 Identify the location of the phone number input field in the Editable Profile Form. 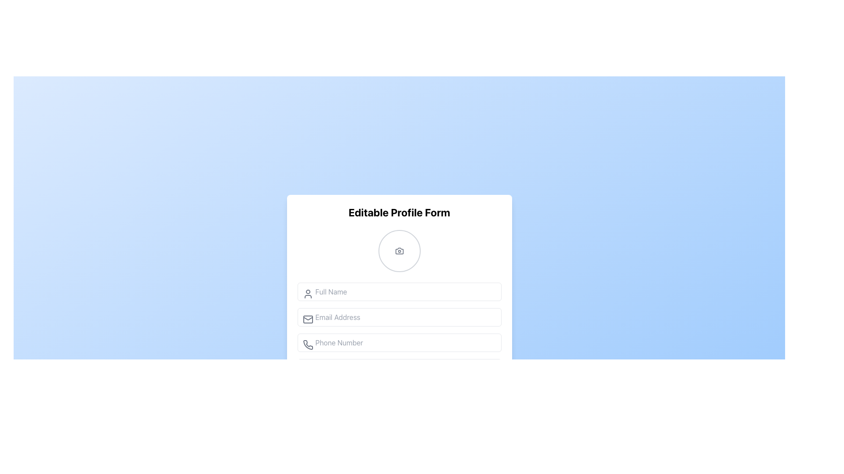
(399, 352).